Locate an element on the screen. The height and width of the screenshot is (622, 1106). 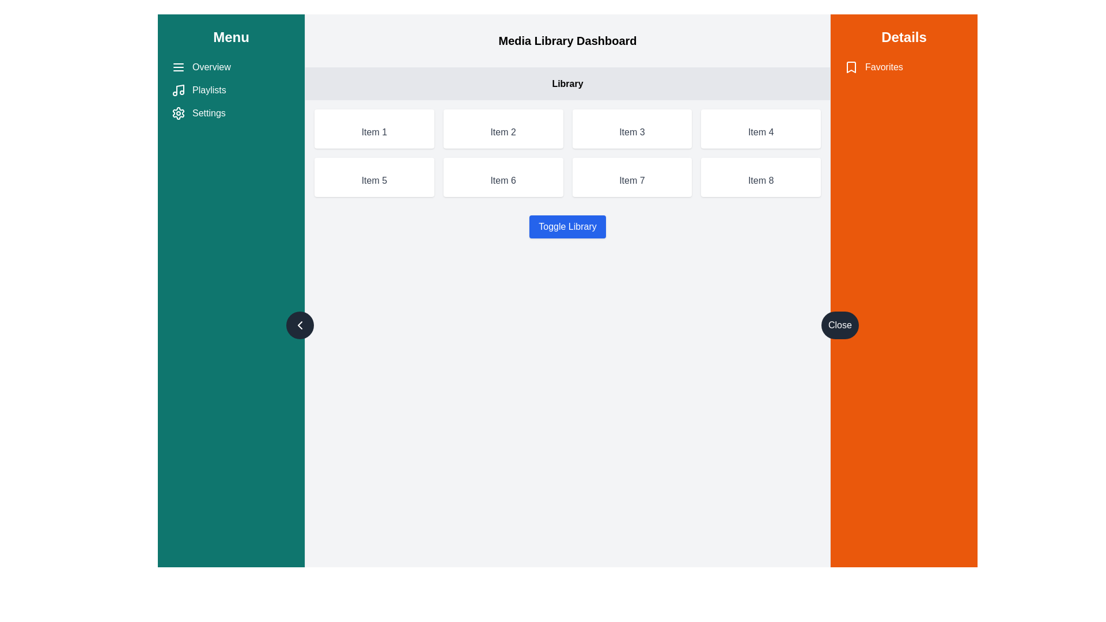
the 'Settings' navigation link in the vertical menu on the left side of the interface is located at coordinates (230, 113).